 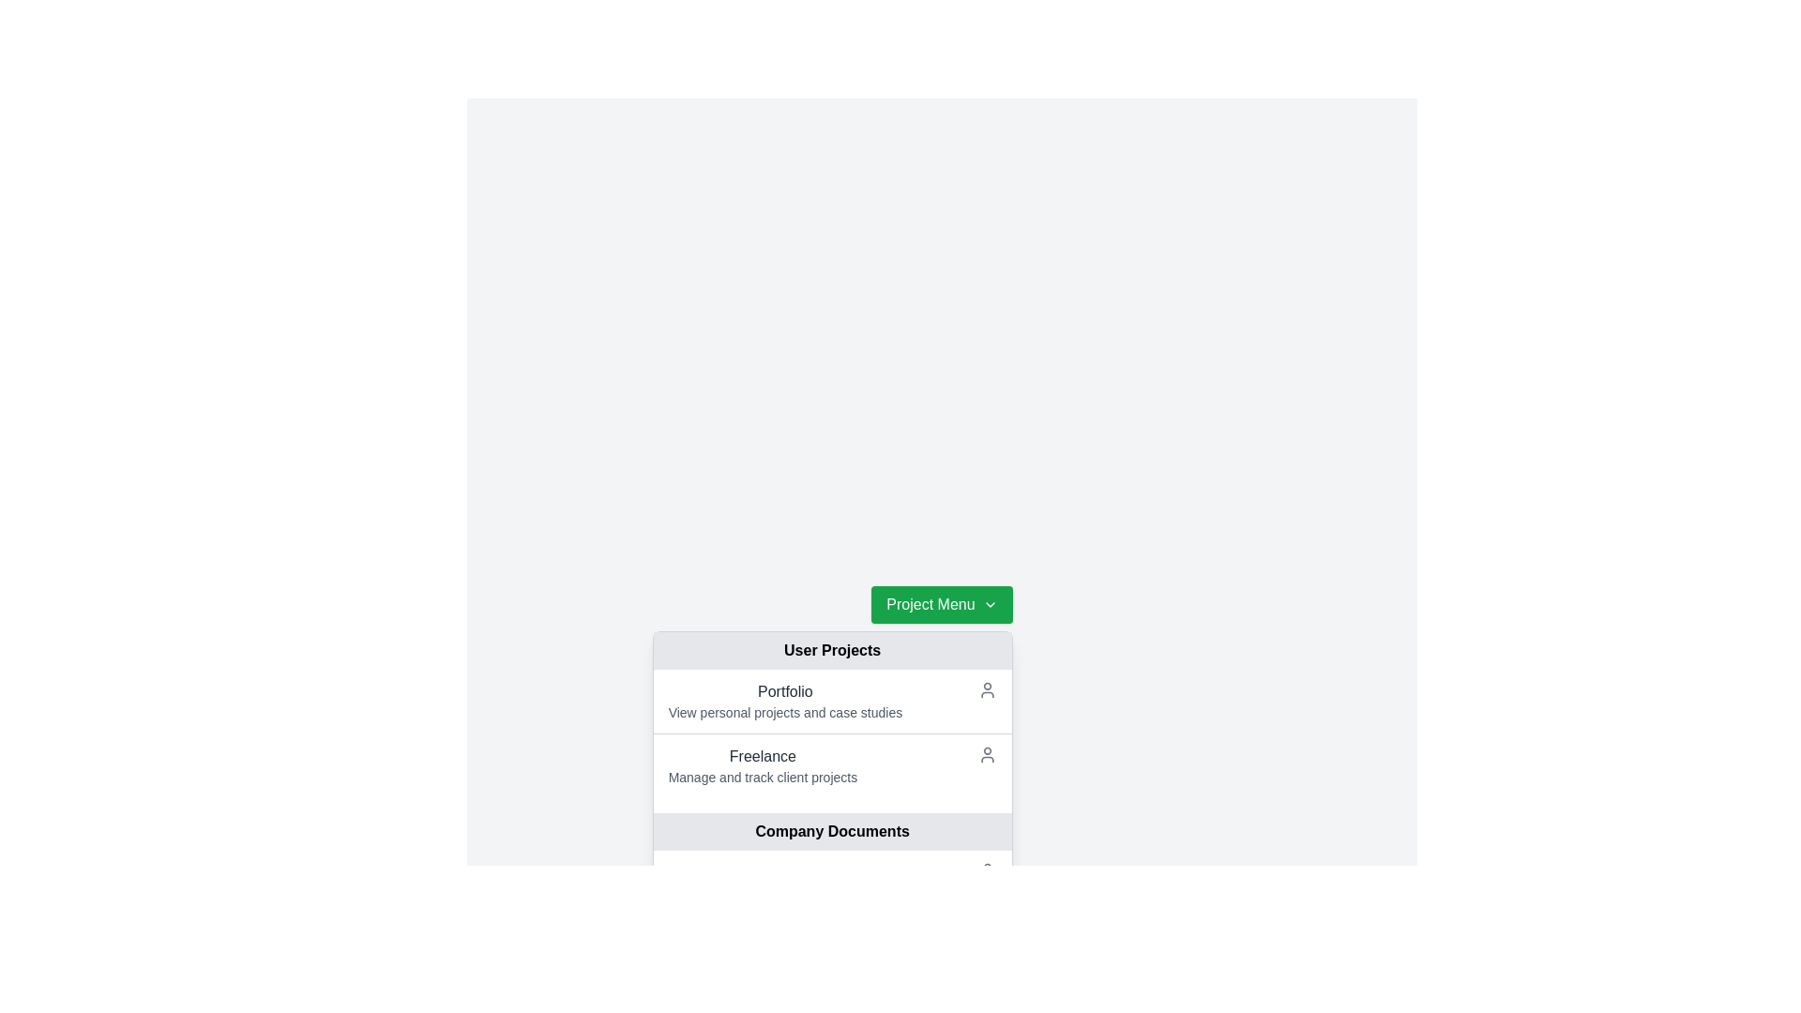 I want to click on the user silhouette icon located to the far right of the text 'Freelance Manage and track client projects' in the 'Freelance' section of the User Projects menu for visual reference of menu functionality, so click(x=986, y=754).